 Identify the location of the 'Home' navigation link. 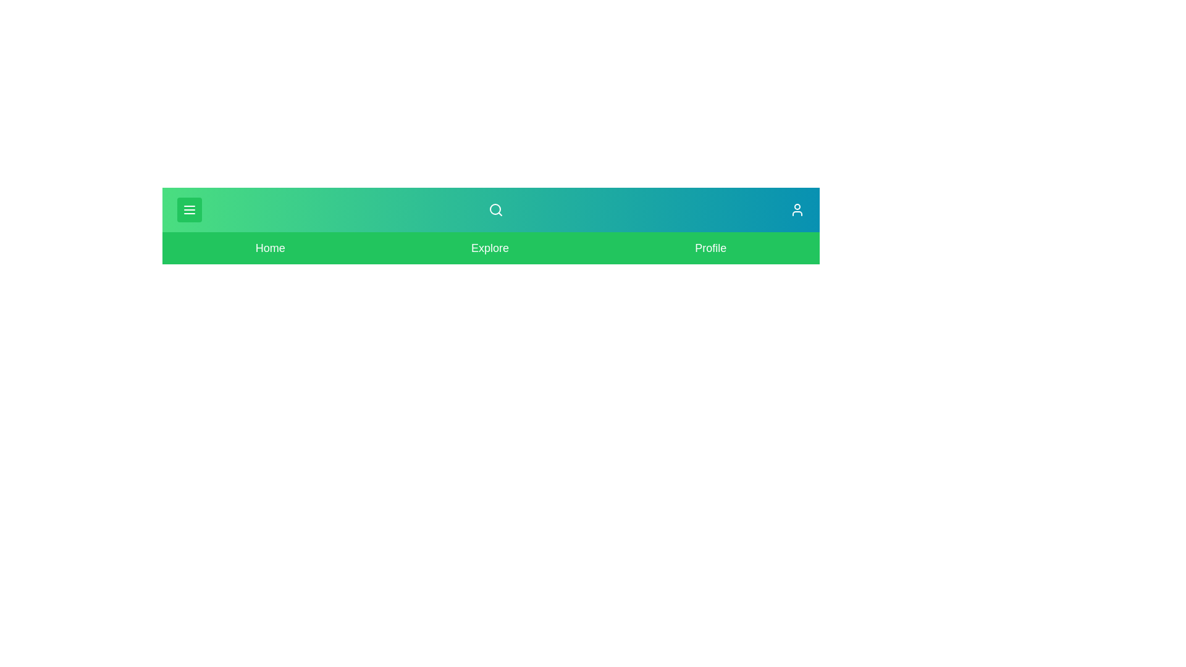
(269, 248).